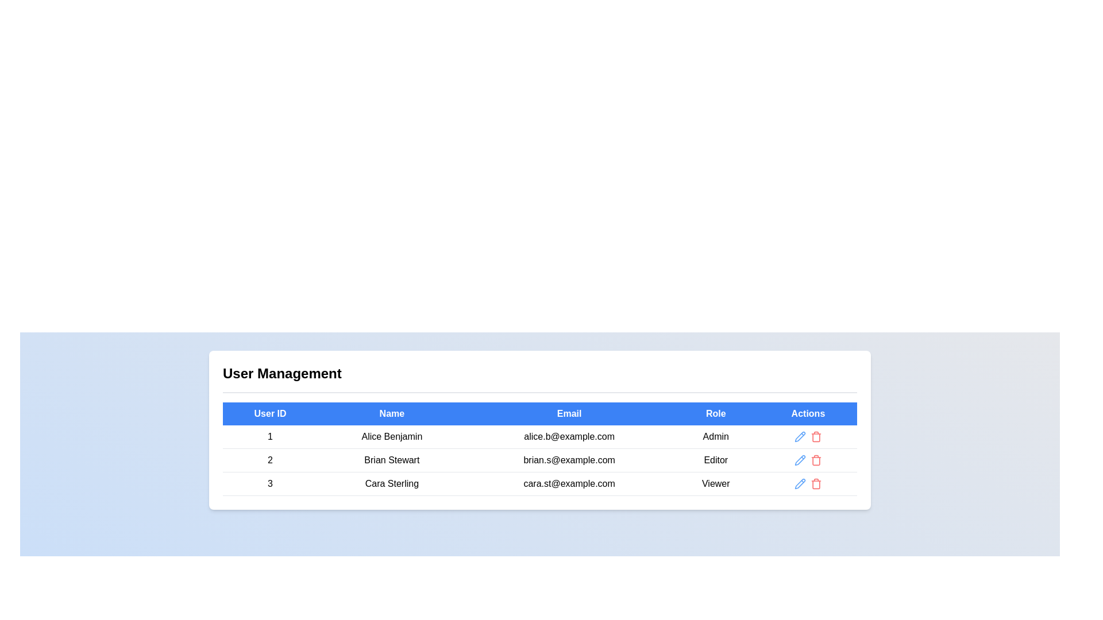 This screenshot has width=1103, height=620. I want to click on the edit icon button in the 'Actions' column for user 'Cara Sterling', so click(799, 484).